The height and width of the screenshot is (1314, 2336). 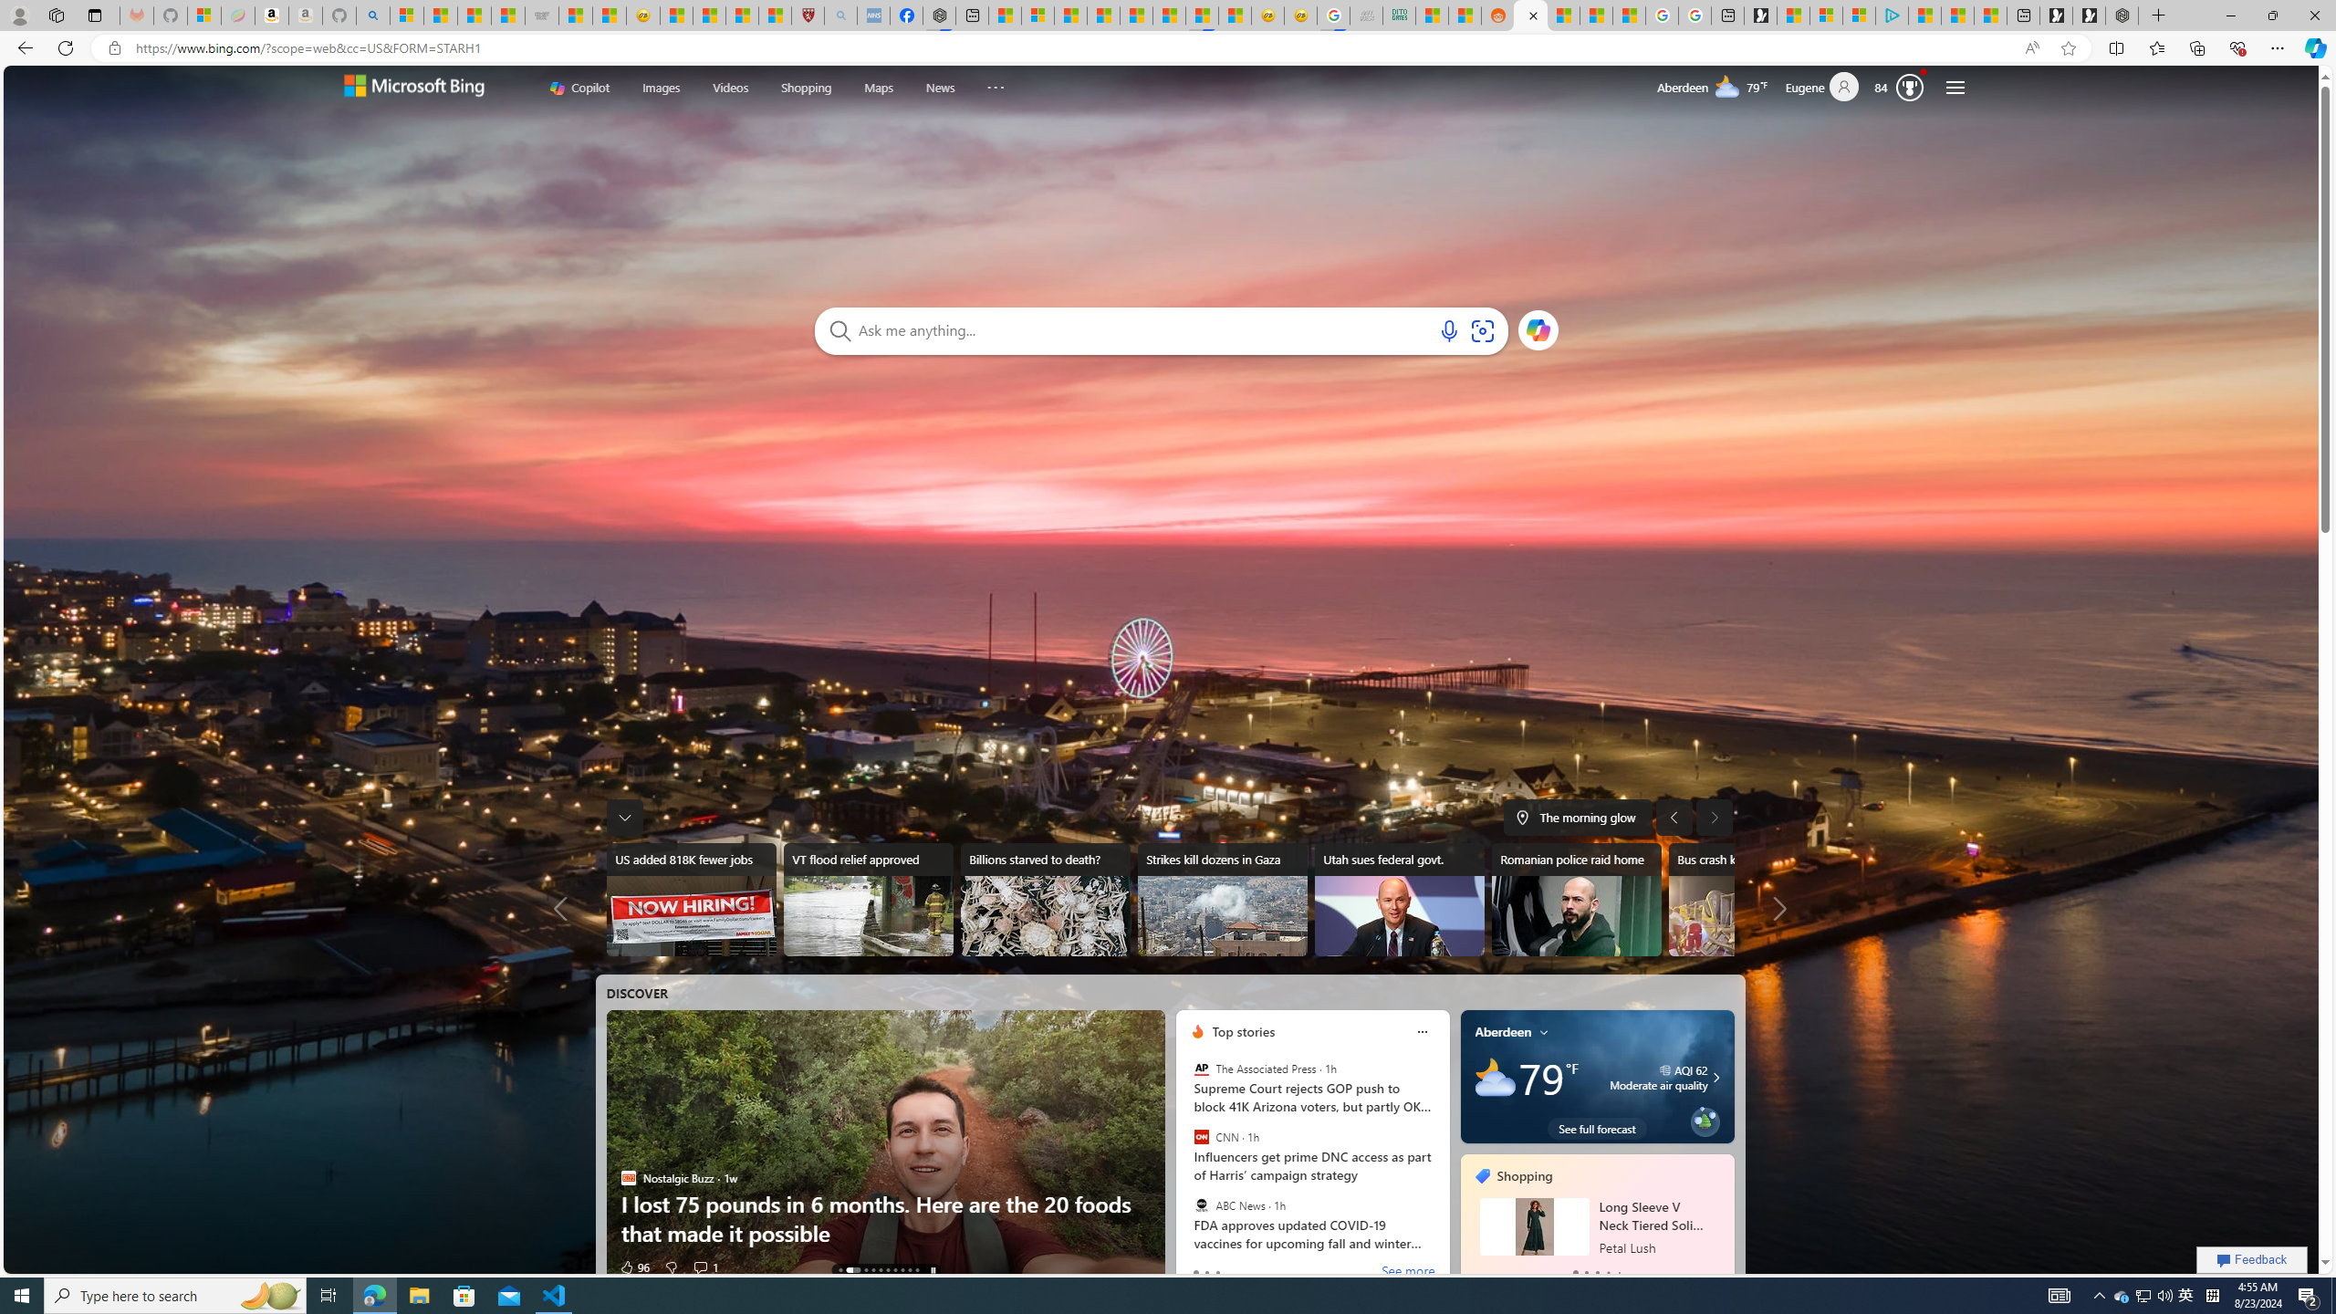 What do you see at coordinates (871, 1269) in the screenshot?
I see `'AutomationID: tab-3'` at bounding box center [871, 1269].